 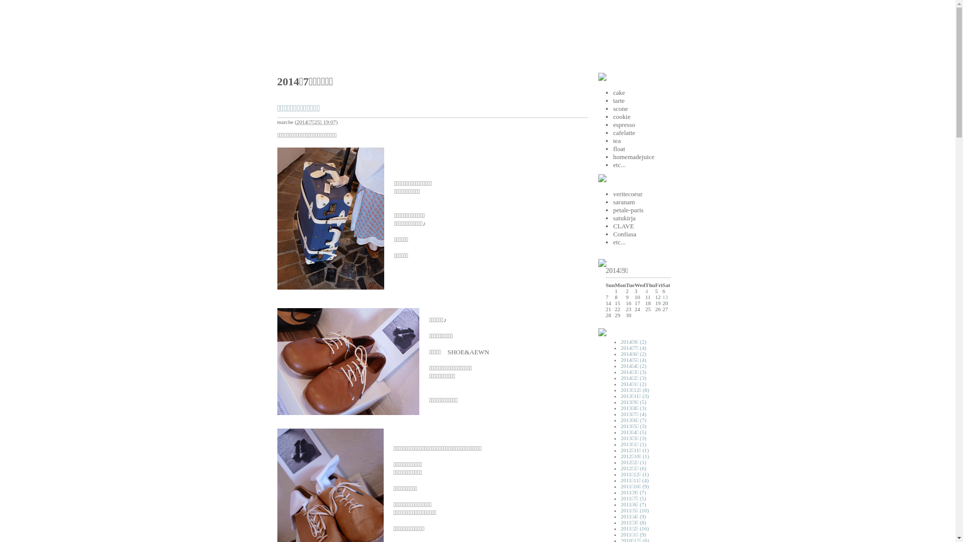 I want to click on '4', so click(x=647, y=291).